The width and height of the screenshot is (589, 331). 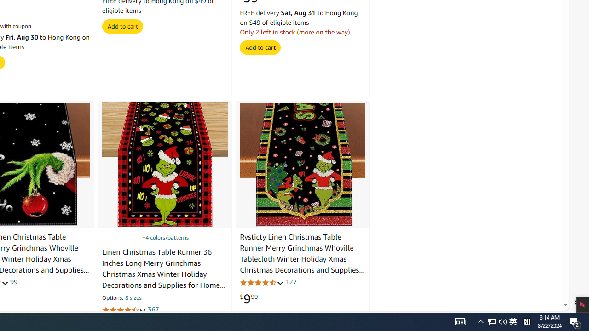 I want to click on '4.7 out of 5 stars', so click(x=123, y=310).